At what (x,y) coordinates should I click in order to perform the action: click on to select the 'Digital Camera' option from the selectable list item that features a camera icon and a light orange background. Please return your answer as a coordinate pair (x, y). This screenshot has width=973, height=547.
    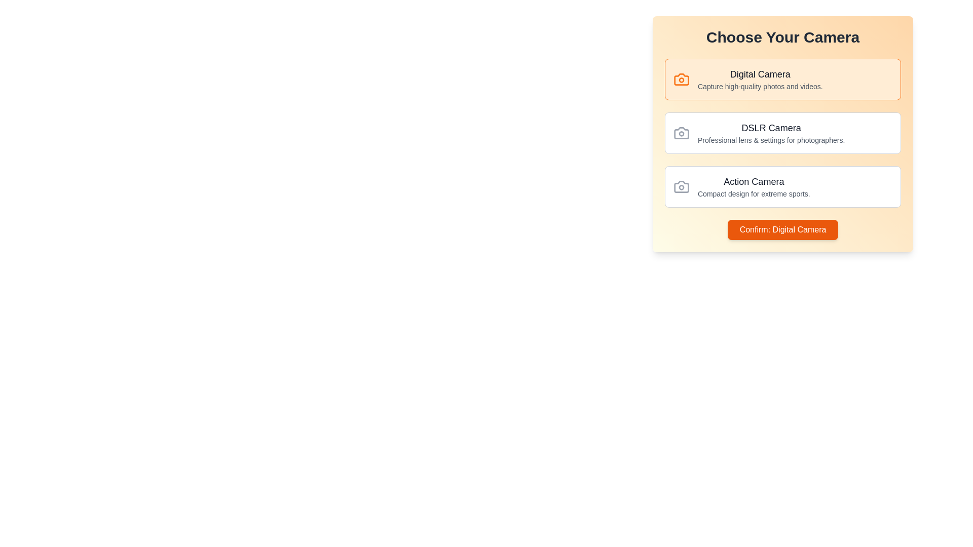
    Looking at the image, I should click on (782, 79).